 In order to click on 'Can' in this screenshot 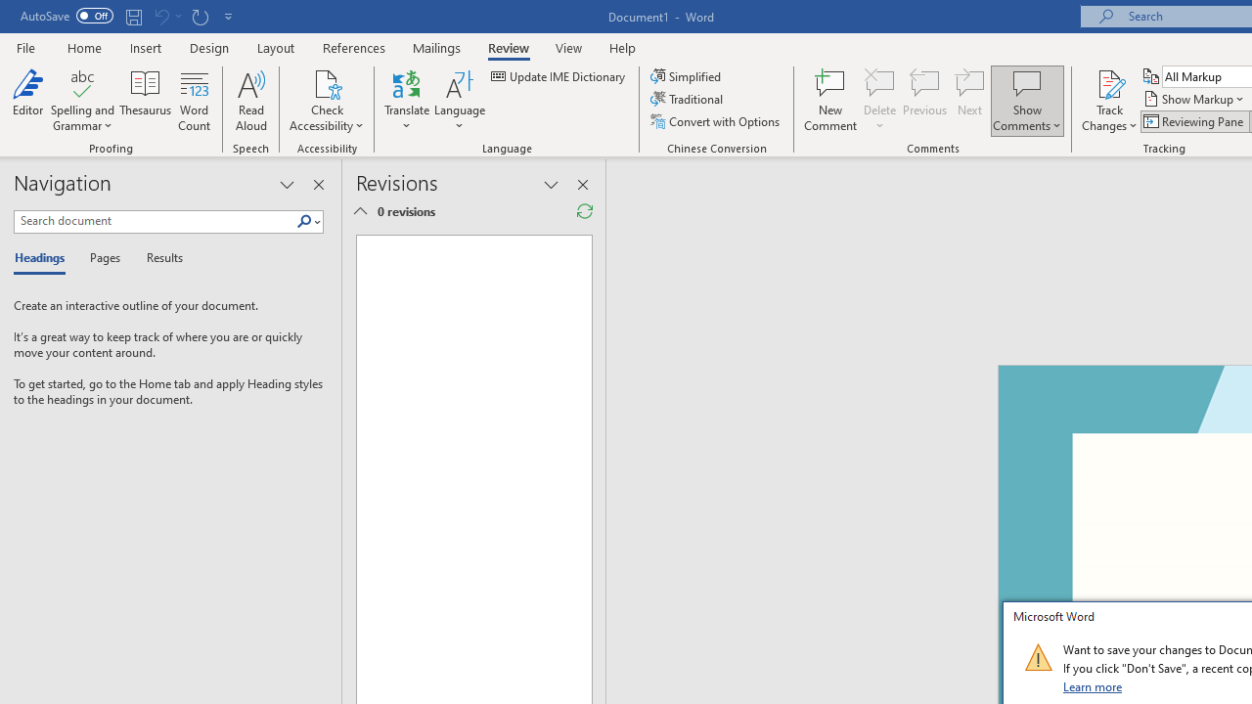, I will do `click(160, 16)`.